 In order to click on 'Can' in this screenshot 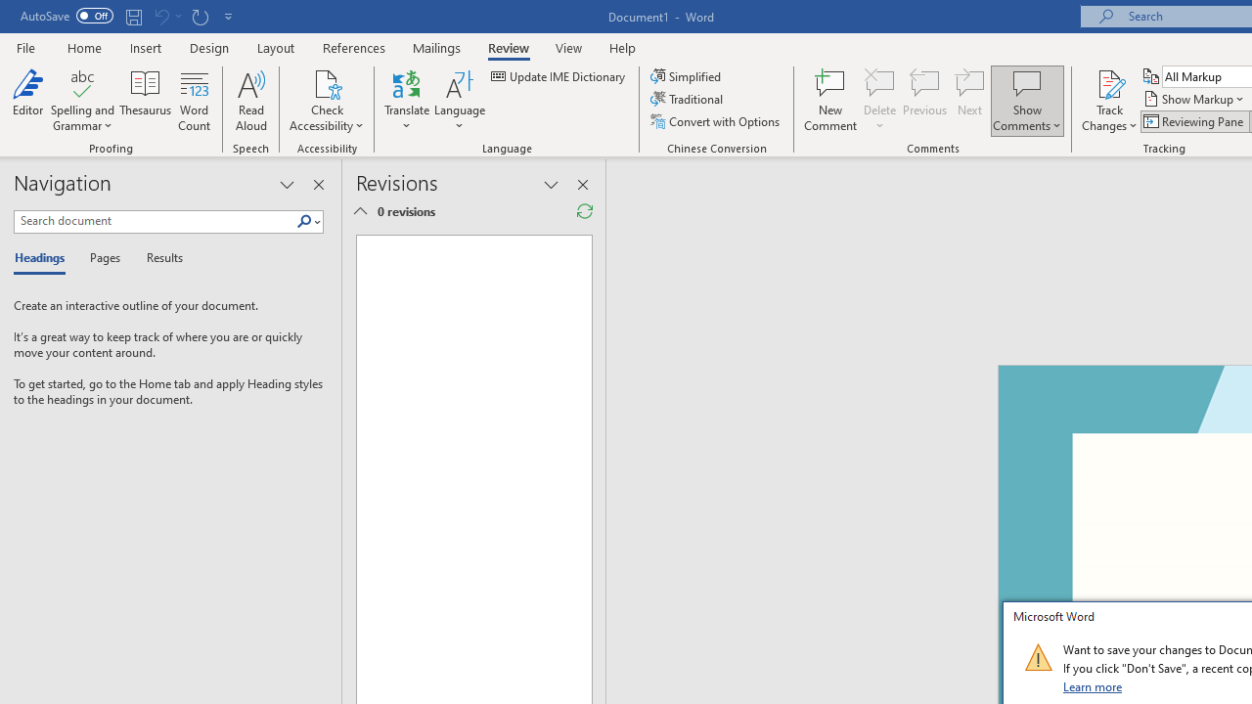, I will do `click(160, 16)`.